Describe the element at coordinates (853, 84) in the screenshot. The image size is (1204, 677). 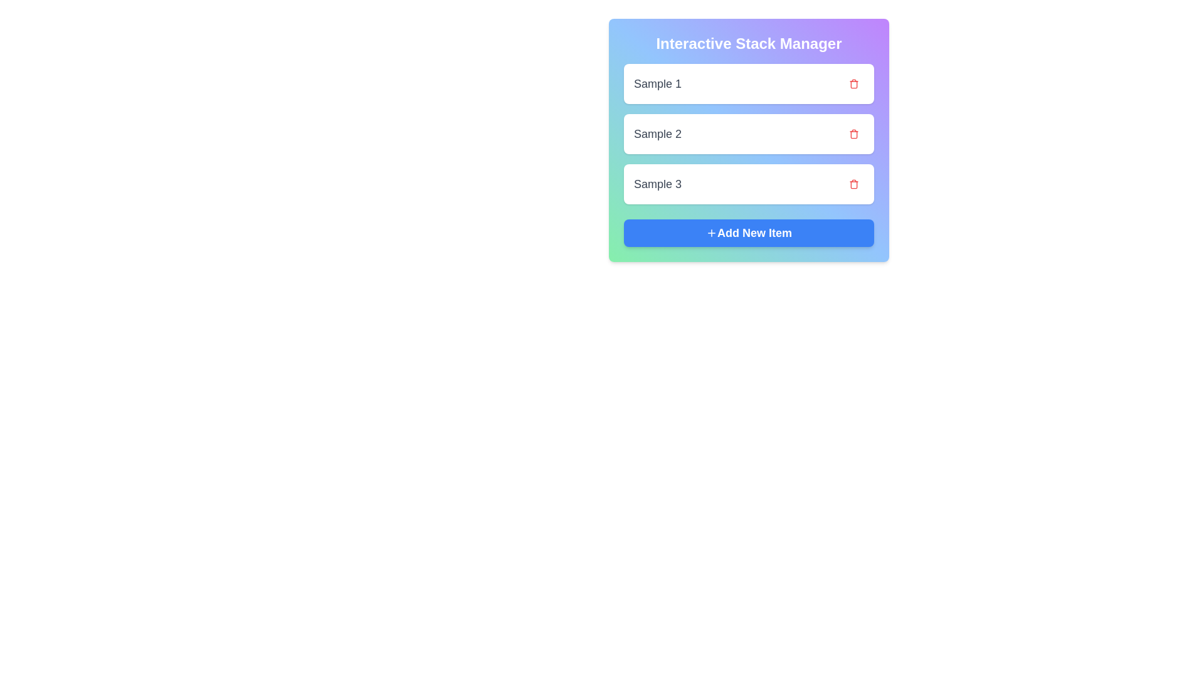
I see `the delete button icon located to the right of the 'Sample 2' text input field` at that location.